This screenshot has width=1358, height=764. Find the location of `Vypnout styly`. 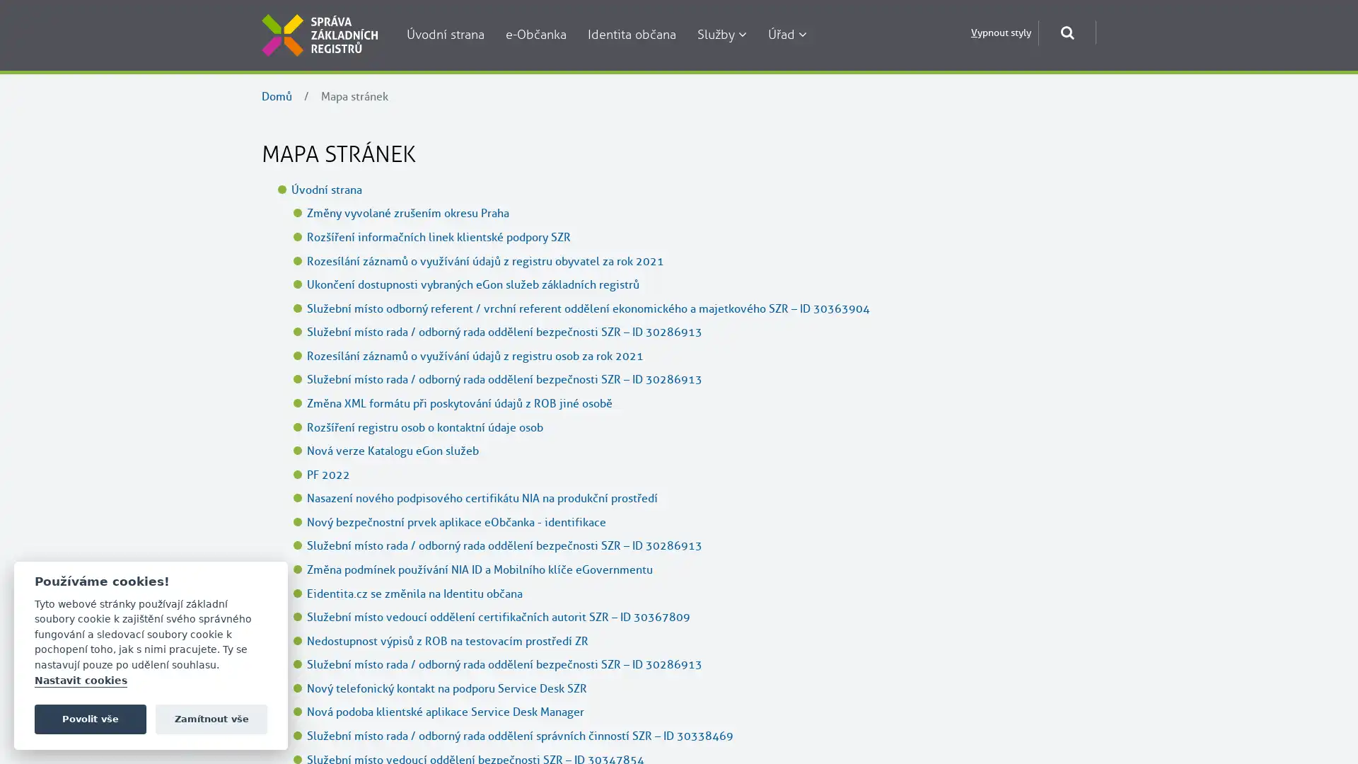

Vypnout styly is located at coordinates (1000, 32).